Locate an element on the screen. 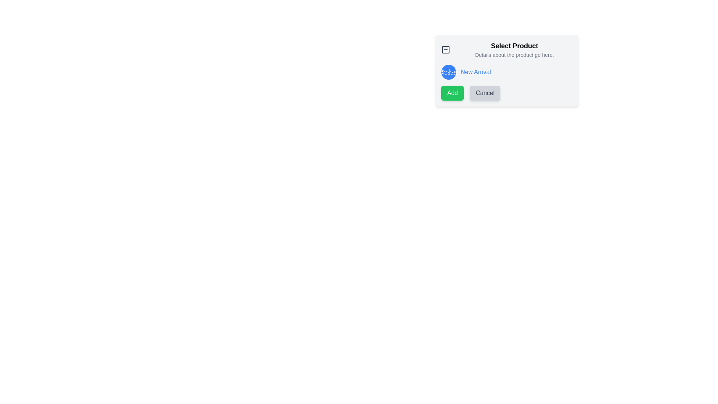  the product selection Card located centrally within the white modal box, which serves as the primary content block is located at coordinates (507, 71).